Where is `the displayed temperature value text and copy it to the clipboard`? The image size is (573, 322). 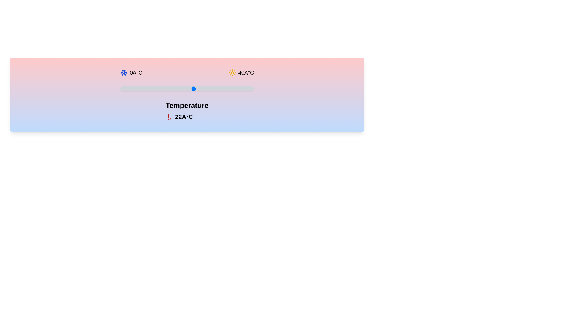 the displayed temperature value text and copy it to the clipboard is located at coordinates (175, 113).